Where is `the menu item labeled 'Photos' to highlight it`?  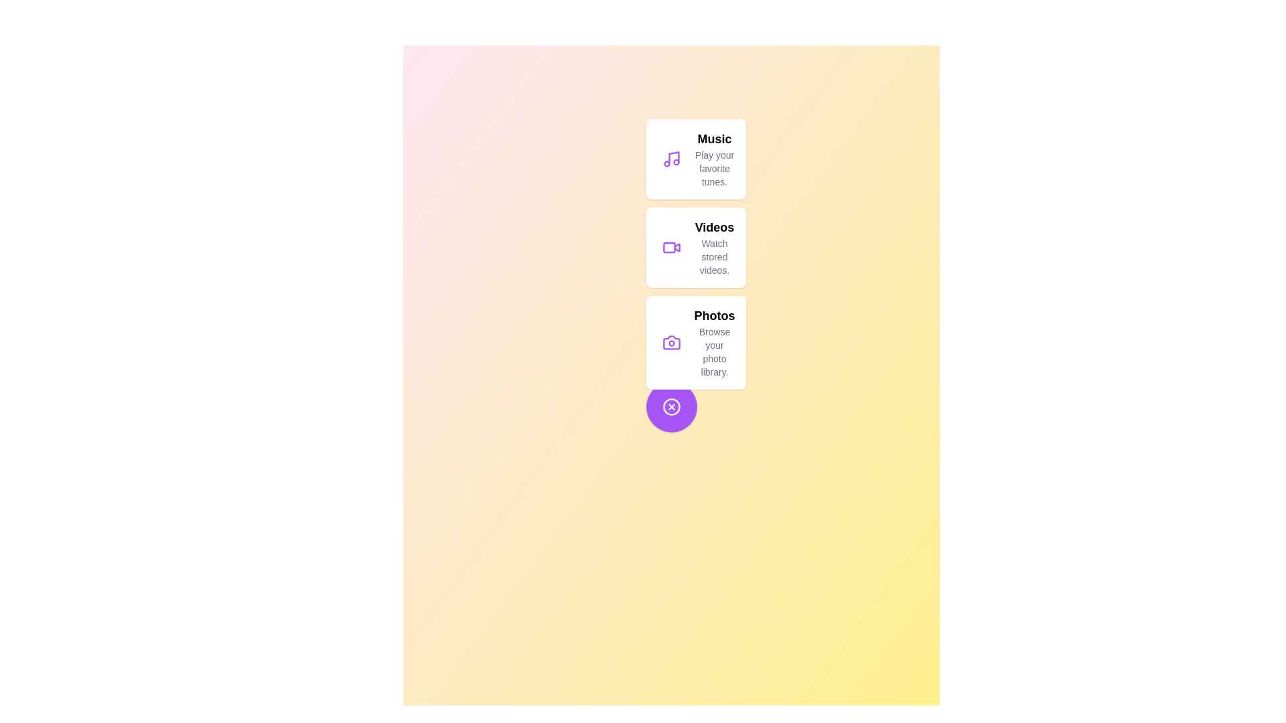
the menu item labeled 'Photos' to highlight it is located at coordinates (695, 342).